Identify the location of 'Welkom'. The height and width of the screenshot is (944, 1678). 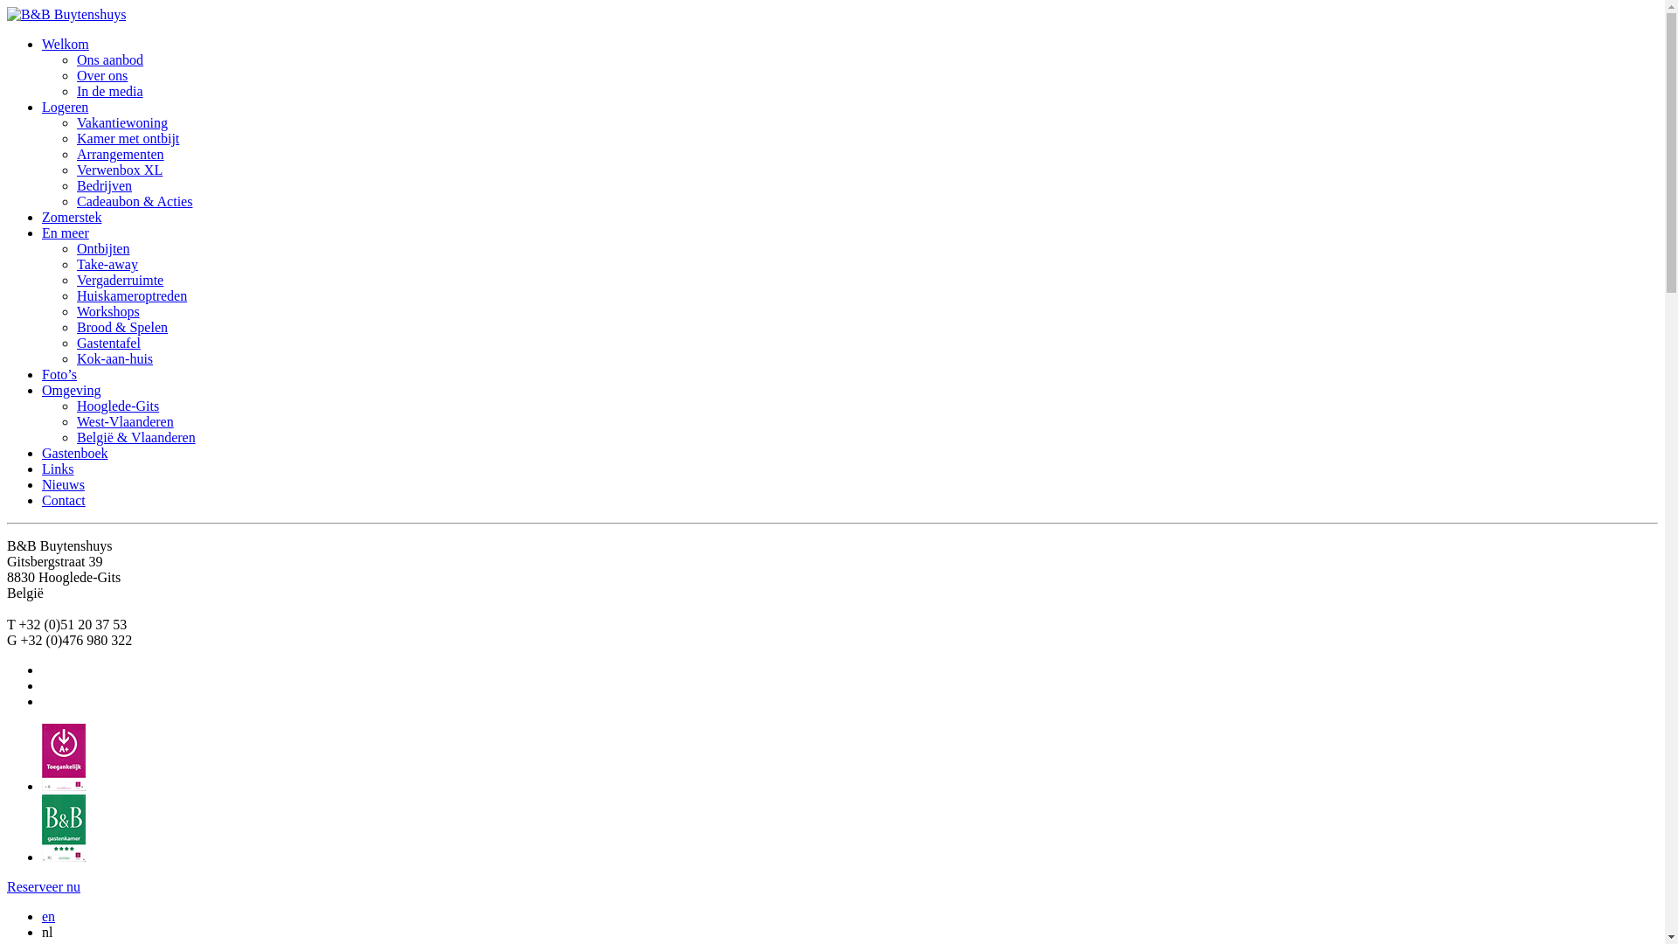
(66, 43).